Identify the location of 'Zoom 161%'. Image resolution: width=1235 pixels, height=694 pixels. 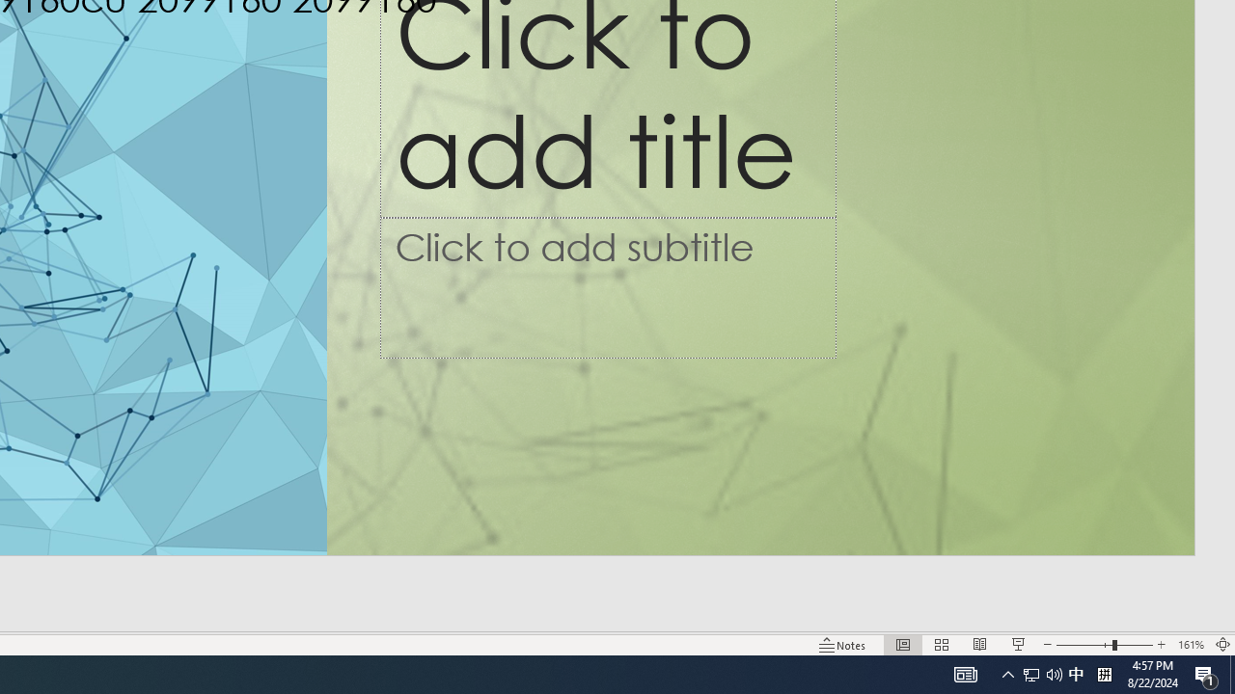
(1190, 645).